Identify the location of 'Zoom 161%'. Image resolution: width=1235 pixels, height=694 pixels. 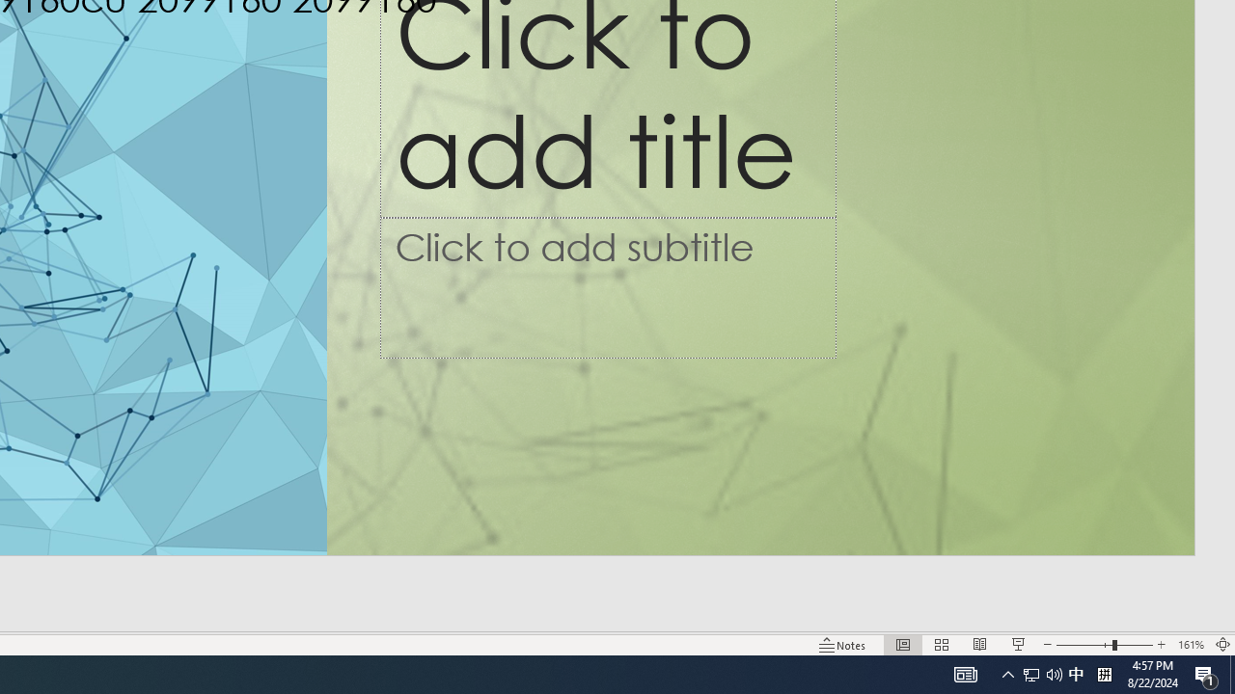
(1190, 645).